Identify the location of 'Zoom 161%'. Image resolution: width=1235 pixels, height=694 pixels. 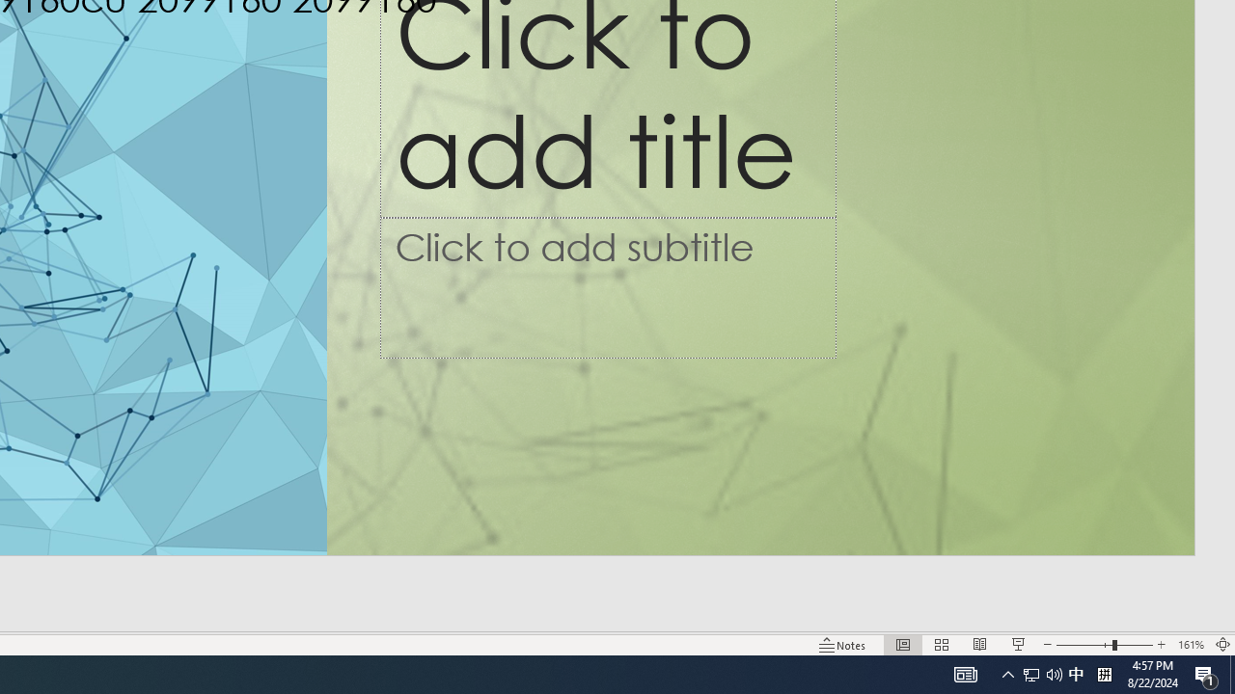
(1190, 645).